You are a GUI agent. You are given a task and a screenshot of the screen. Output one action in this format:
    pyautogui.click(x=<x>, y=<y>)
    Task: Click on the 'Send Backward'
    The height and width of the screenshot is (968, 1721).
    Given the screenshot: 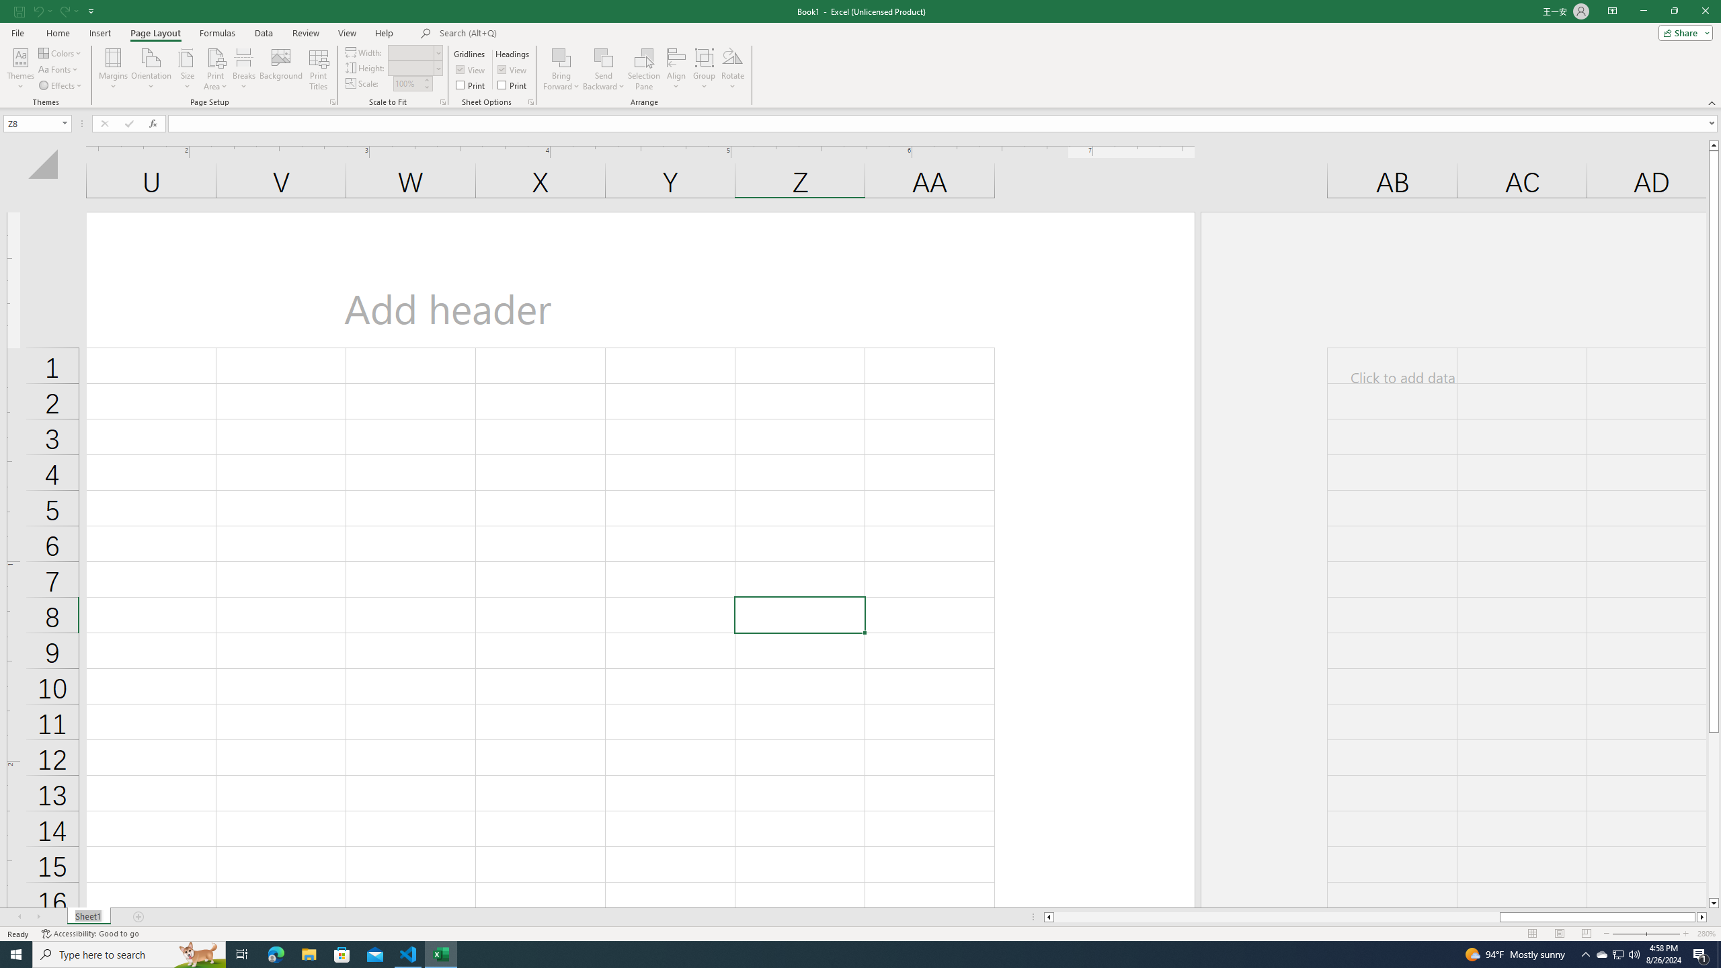 What is the action you would take?
    pyautogui.click(x=603, y=69)
    